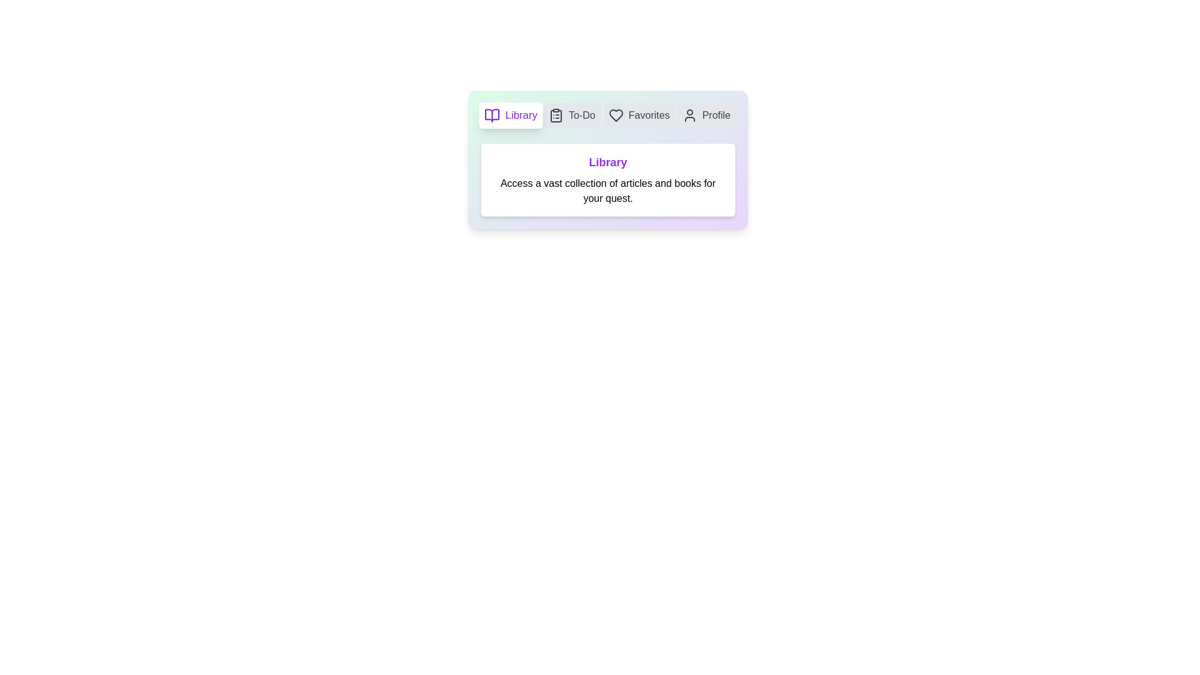 The image size is (1200, 675). Describe the element at coordinates (639, 116) in the screenshot. I see `the tab icon corresponding to Favorites` at that location.